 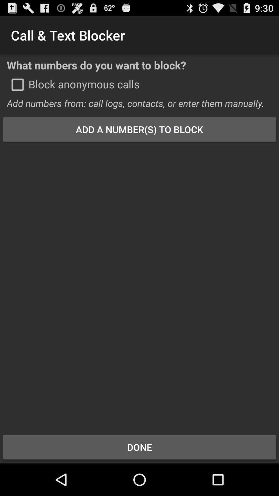 I want to click on item above the add numbers from app, so click(x=17, y=84).